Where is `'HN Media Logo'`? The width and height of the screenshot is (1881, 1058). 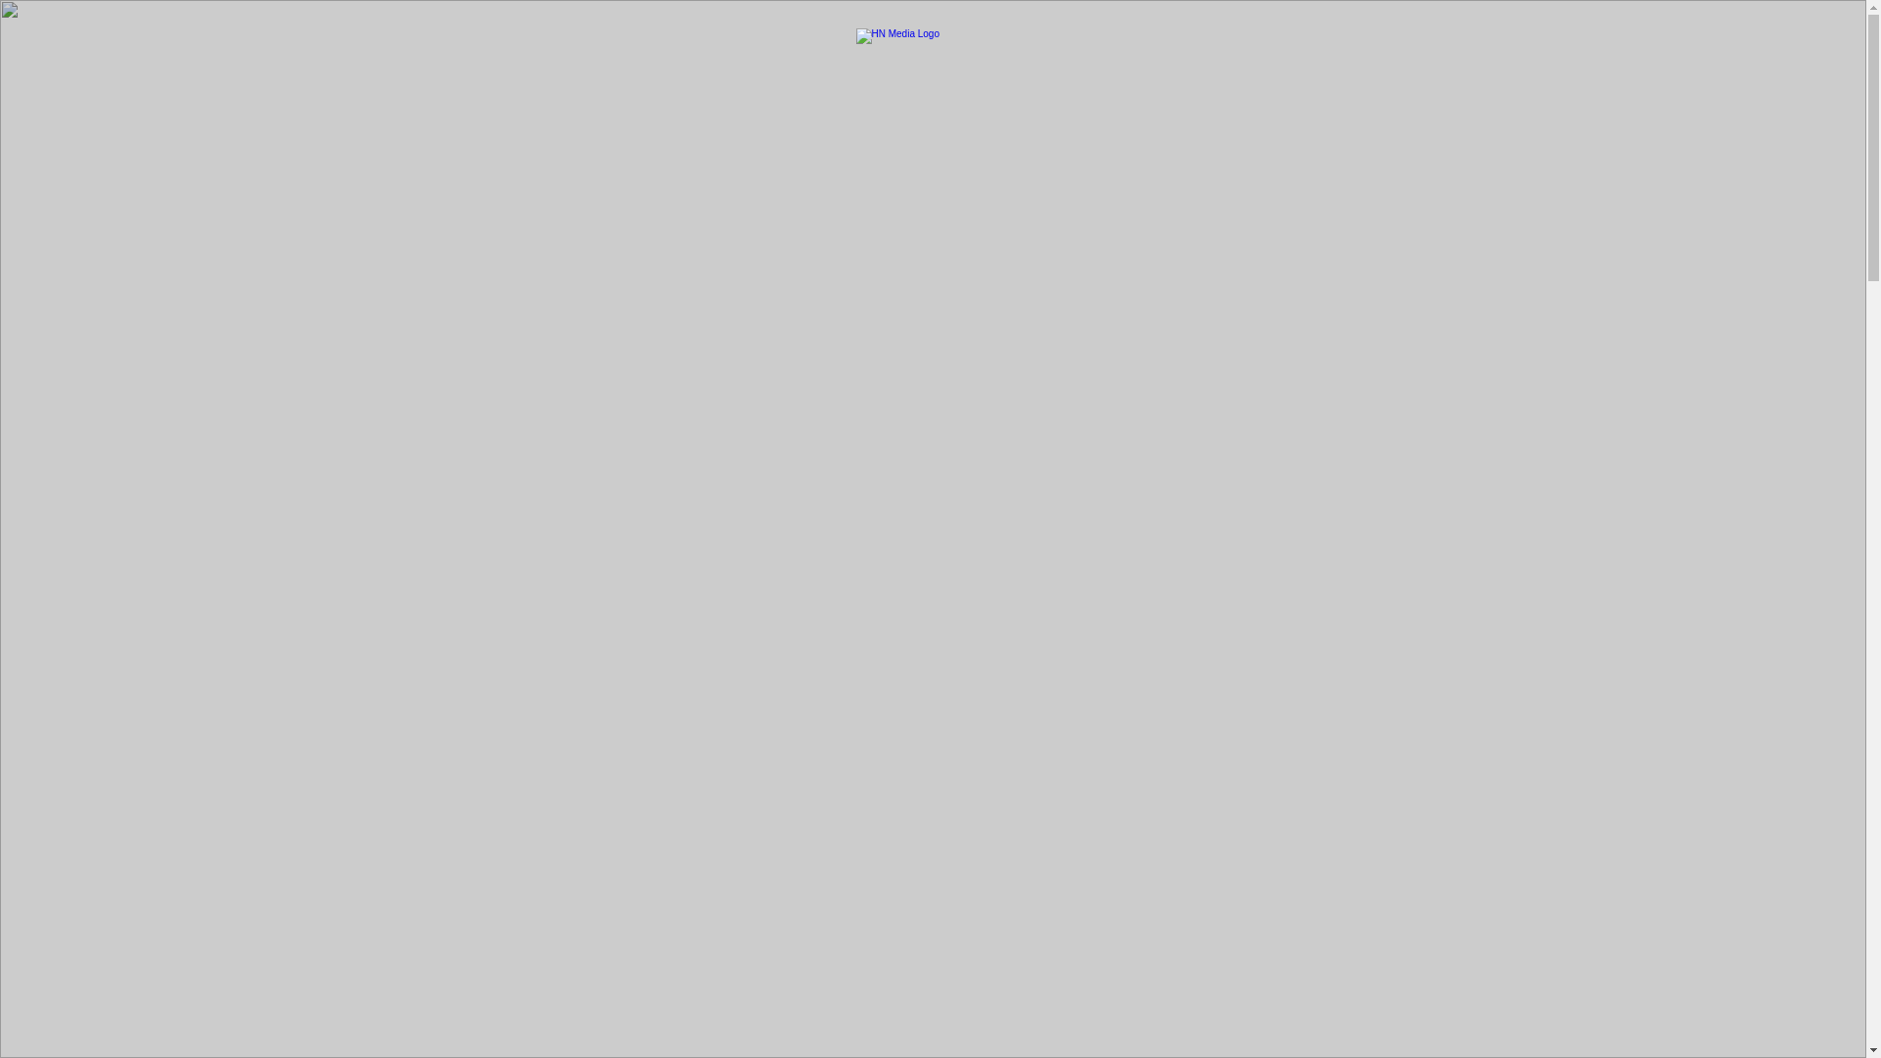 'HN Media Logo' is located at coordinates (855, 47).